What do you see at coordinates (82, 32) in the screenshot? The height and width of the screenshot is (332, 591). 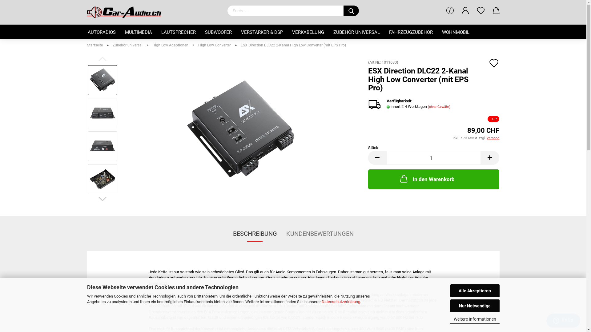 I see `'AUTORADIOS'` at bounding box center [82, 32].